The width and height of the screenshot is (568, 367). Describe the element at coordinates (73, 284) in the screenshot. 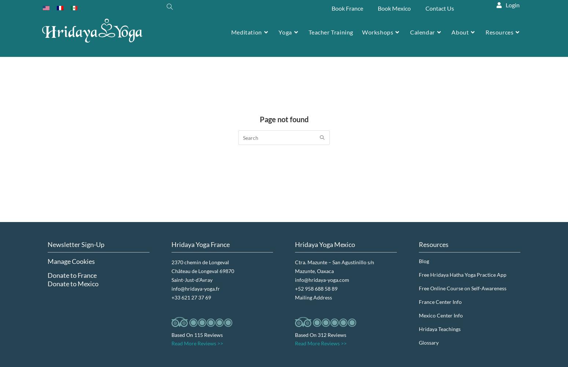

I see `'Donate to Mexico'` at that location.